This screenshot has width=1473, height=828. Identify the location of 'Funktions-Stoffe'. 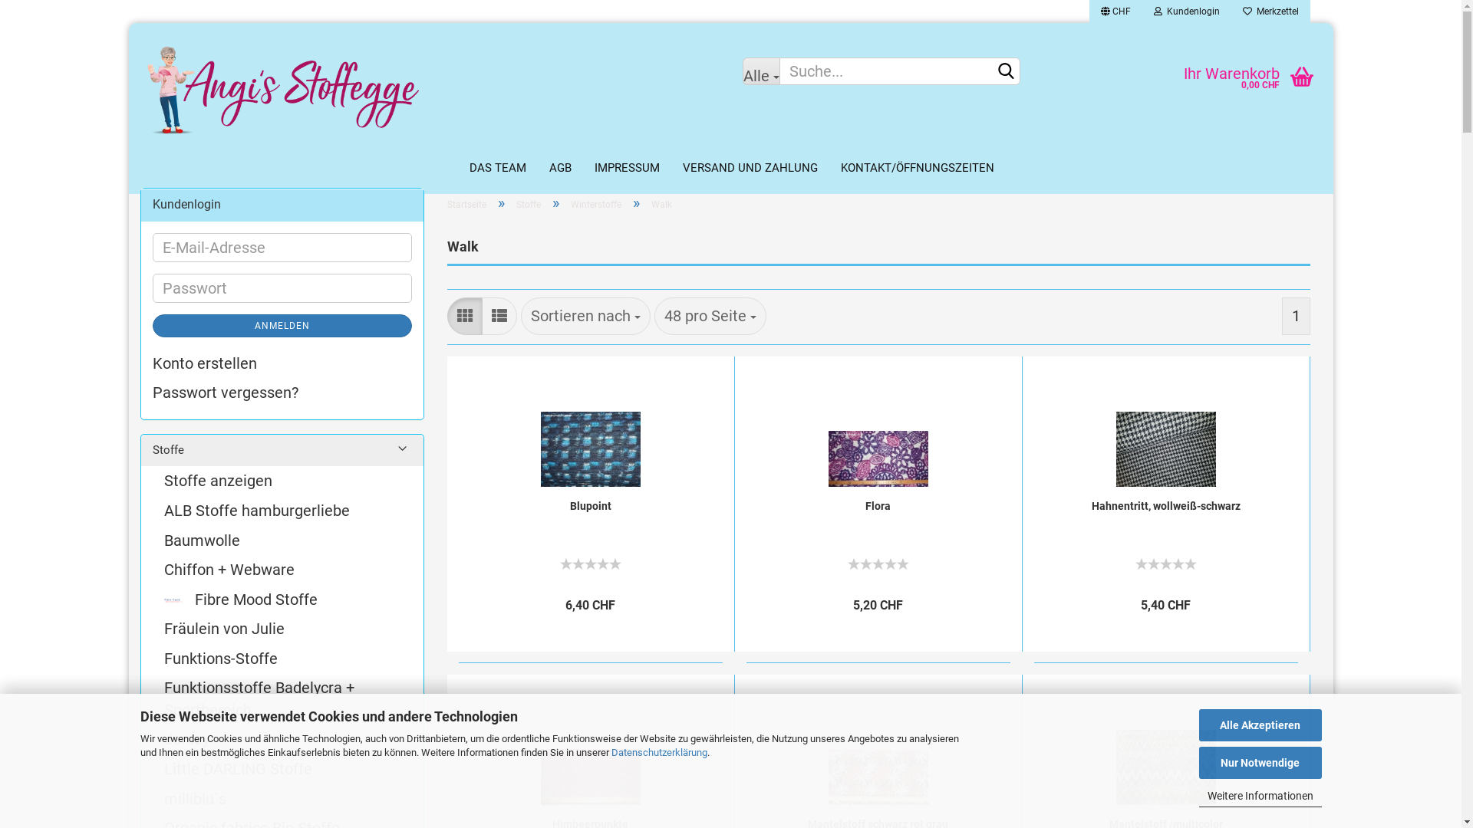
(282, 658).